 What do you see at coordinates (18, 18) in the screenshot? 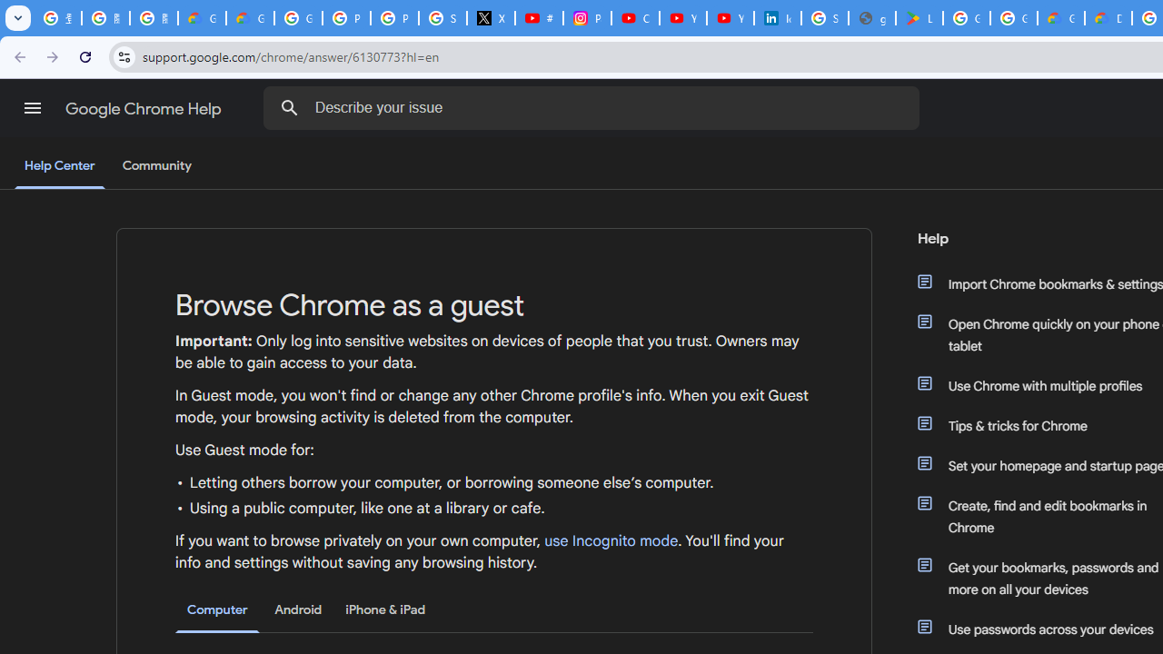
I see `'Search tabs'` at bounding box center [18, 18].